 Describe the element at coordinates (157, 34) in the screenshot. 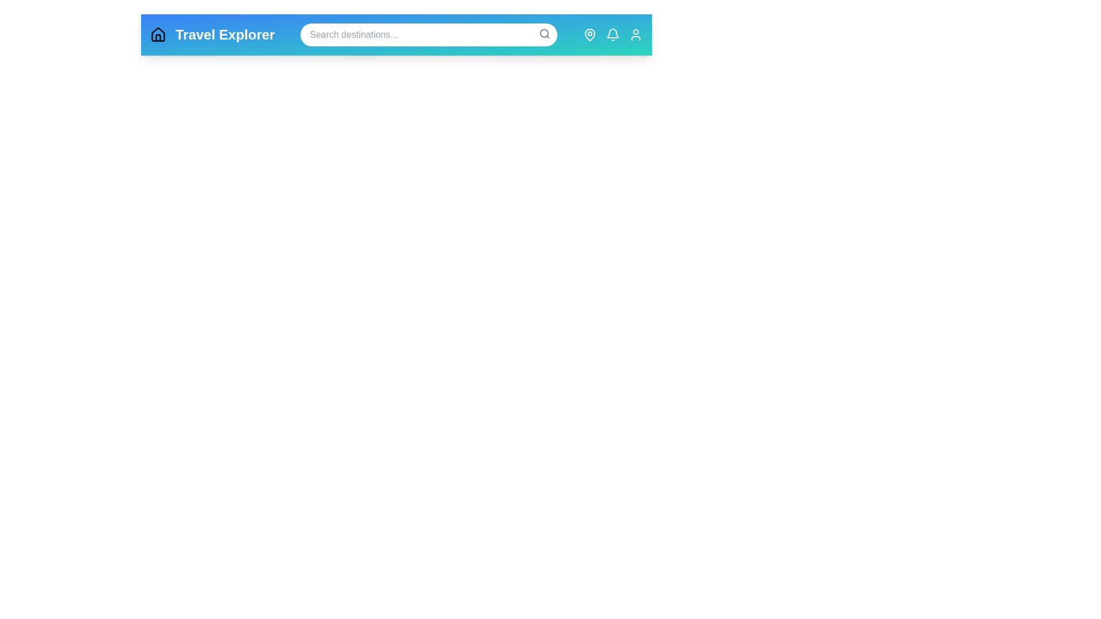

I see `the Home navigation icon` at that location.